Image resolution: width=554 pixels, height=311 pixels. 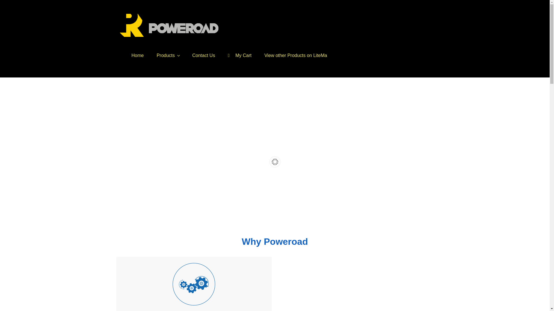 What do you see at coordinates (239, 55) in the screenshot?
I see `'My Cart'` at bounding box center [239, 55].